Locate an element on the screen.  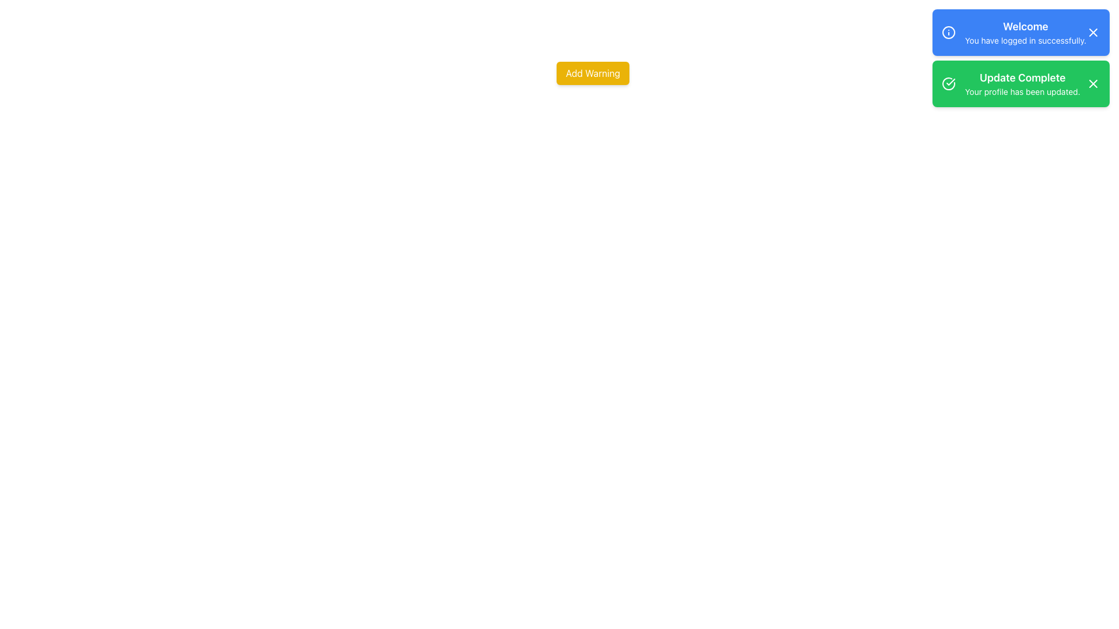
text content of the header element displaying 'Update Complete' in bold font within the green notification bar is located at coordinates (1022, 78).